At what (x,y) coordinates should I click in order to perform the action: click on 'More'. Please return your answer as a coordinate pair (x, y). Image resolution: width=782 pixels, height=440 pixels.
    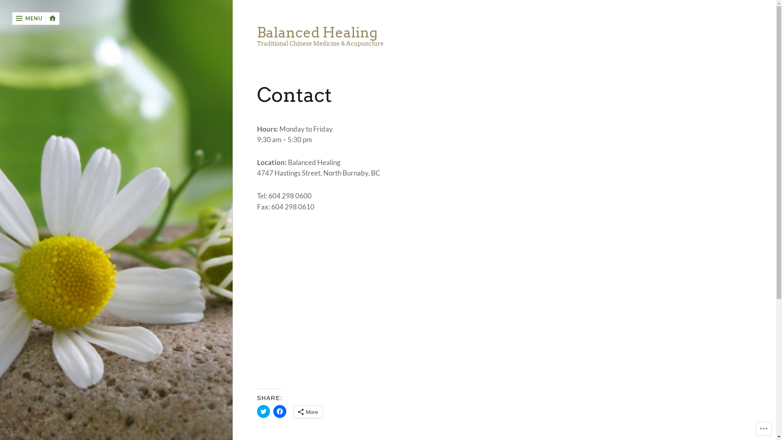
    Looking at the image, I should click on (308, 411).